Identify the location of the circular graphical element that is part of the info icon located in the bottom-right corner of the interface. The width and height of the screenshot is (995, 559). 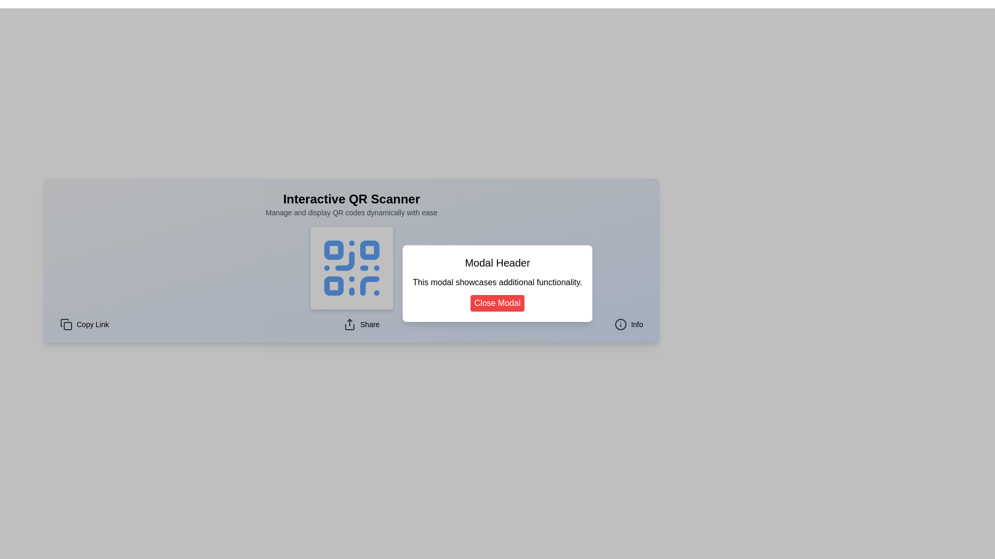
(620, 324).